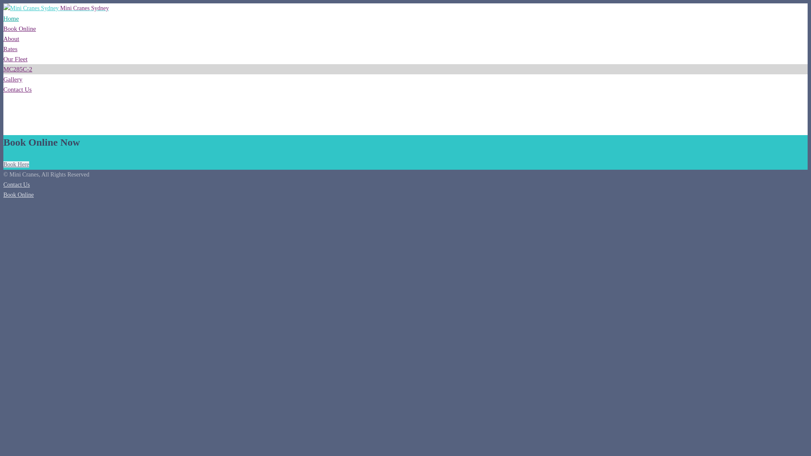 This screenshot has height=456, width=811. What do you see at coordinates (16, 184) in the screenshot?
I see `'Contact Us'` at bounding box center [16, 184].